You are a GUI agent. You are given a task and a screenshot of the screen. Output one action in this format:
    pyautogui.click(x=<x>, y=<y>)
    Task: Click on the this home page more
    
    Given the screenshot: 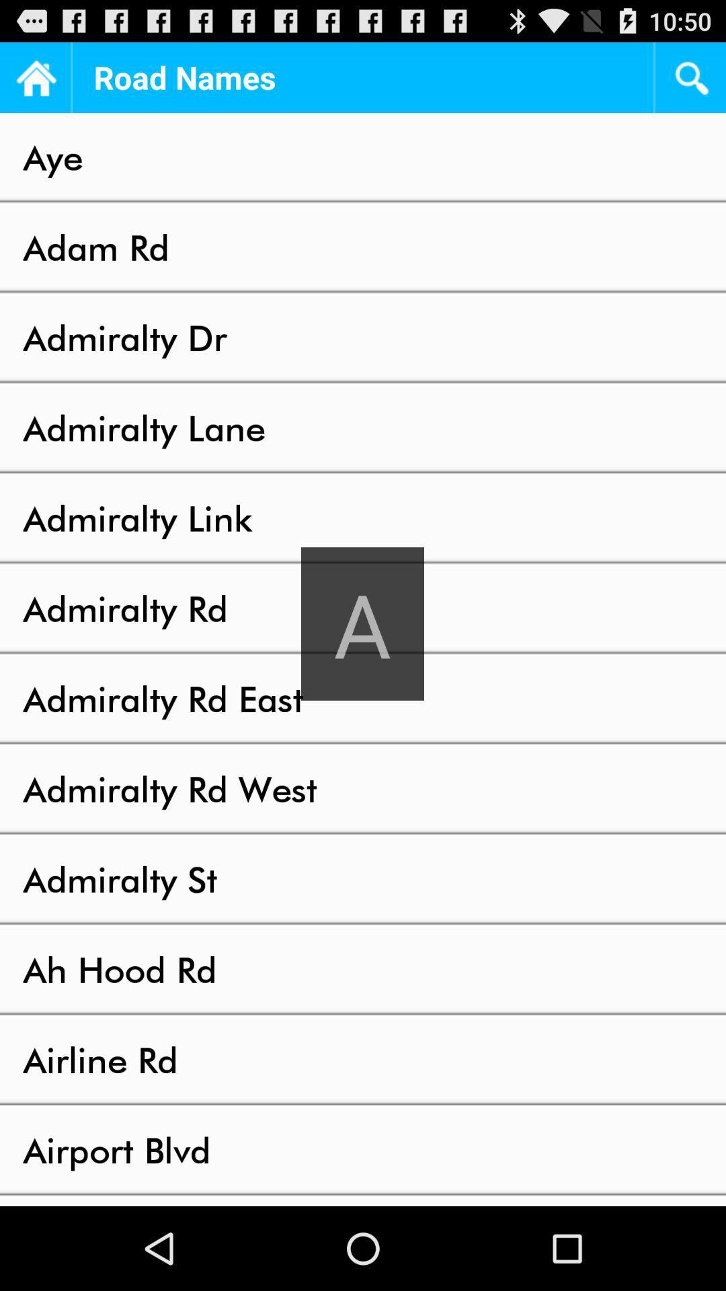 What is the action you would take?
    pyautogui.click(x=34, y=77)
    